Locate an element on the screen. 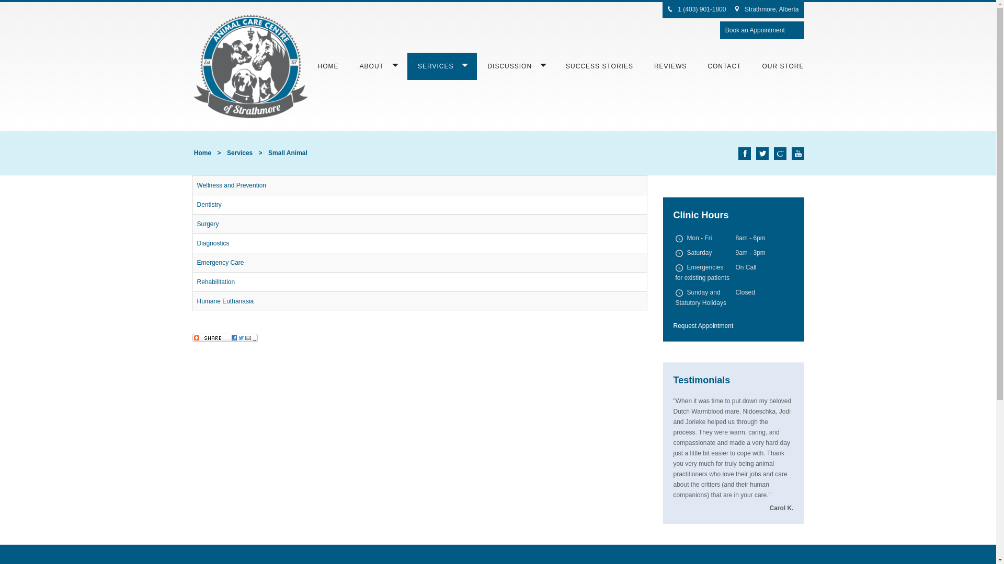  'ABOUT' is located at coordinates (378, 66).